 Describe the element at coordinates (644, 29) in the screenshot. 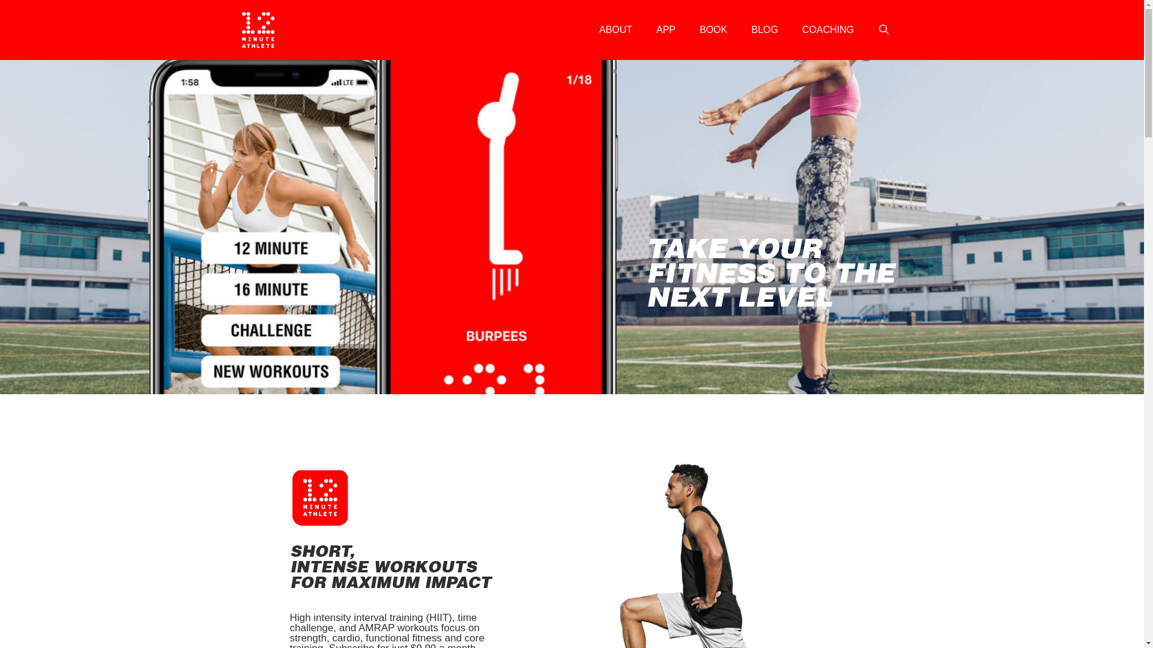

I see `'APP'` at that location.